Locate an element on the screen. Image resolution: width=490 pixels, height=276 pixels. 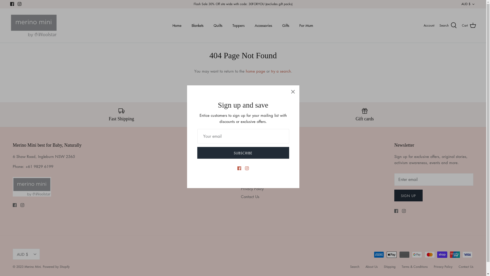
'home page' is located at coordinates (255, 71).